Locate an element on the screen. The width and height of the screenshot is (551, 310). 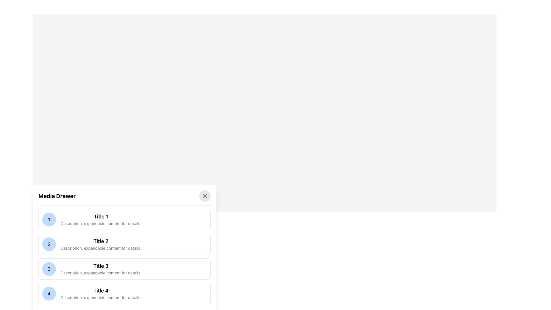
the first list item entry, which features a light blue circular icon with the digit '1' and the title 'Title 1' in bold is located at coordinates (124, 219).